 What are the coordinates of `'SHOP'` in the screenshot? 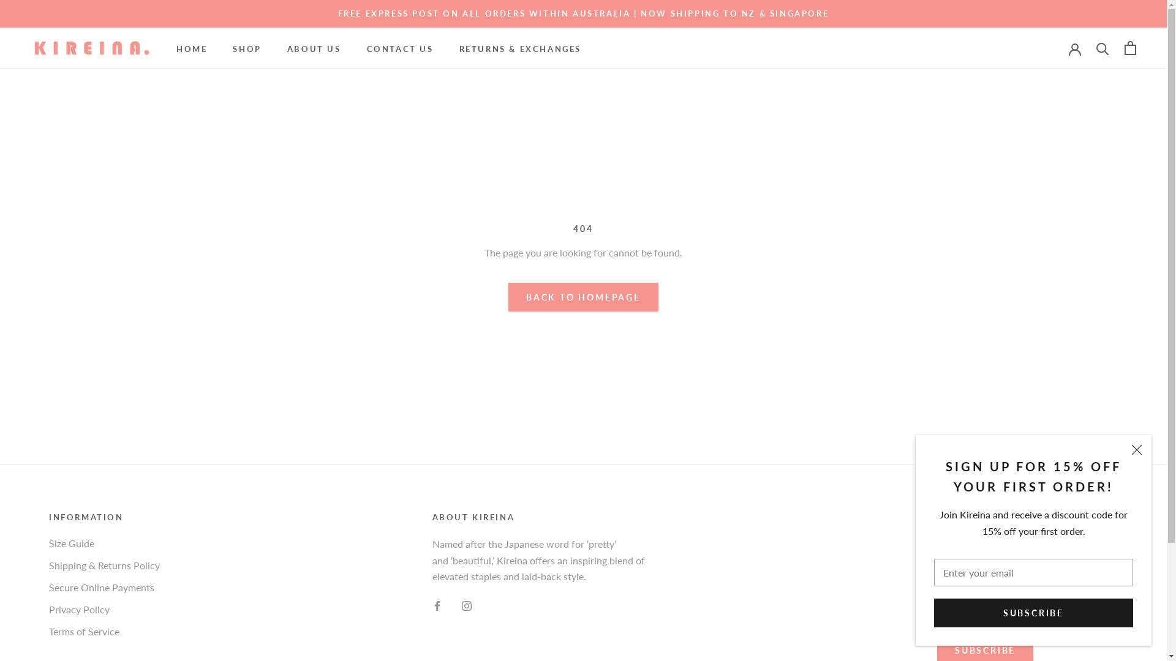 It's located at (246, 48).